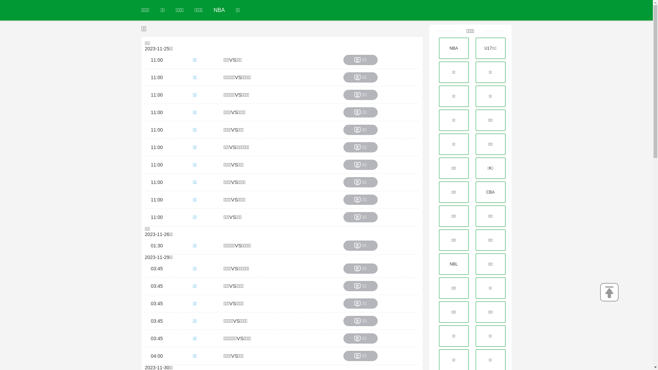  Describe the element at coordinates (156, 77) in the screenshot. I see `'11:00'` at that location.